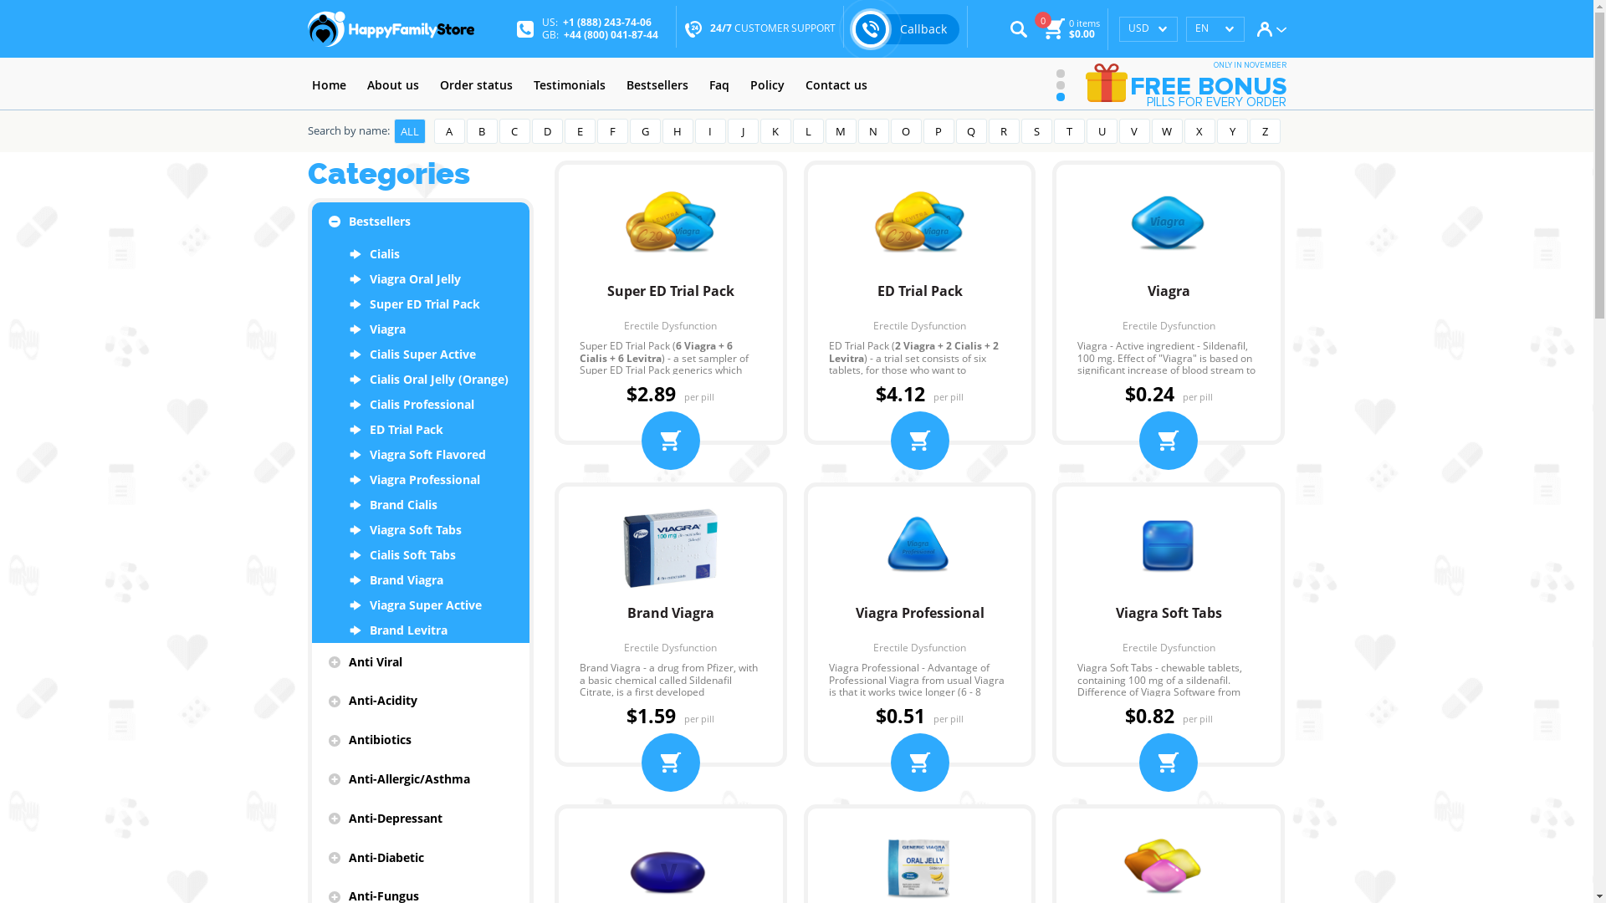  What do you see at coordinates (703, 85) in the screenshot?
I see `'faq'` at bounding box center [703, 85].